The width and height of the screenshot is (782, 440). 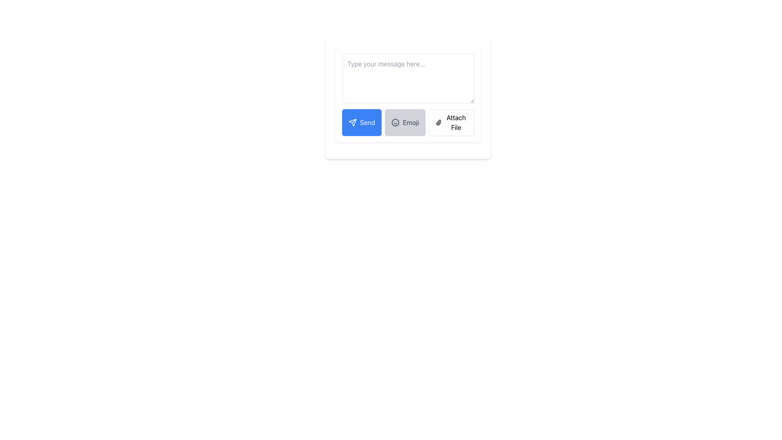 What do you see at coordinates (395, 122) in the screenshot?
I see `the emoji icon located on the left side of the 'Emoji' button, which is directly to the left of the 'Emoji' text` at bounding box center [395, 122].